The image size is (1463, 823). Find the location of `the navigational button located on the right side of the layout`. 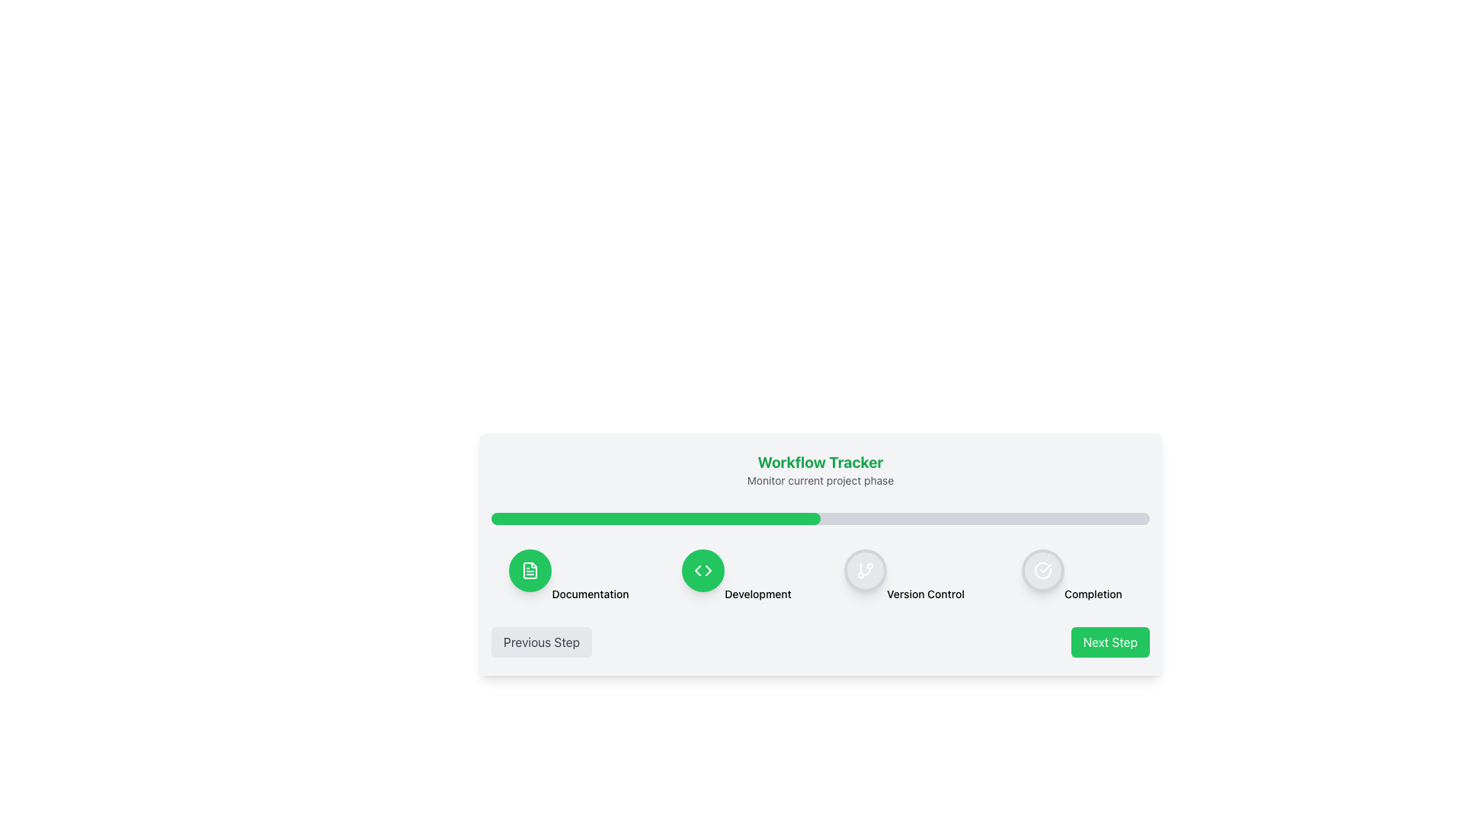

the navigational button located on the right side of the layout is located at coordinates (1110, 642).